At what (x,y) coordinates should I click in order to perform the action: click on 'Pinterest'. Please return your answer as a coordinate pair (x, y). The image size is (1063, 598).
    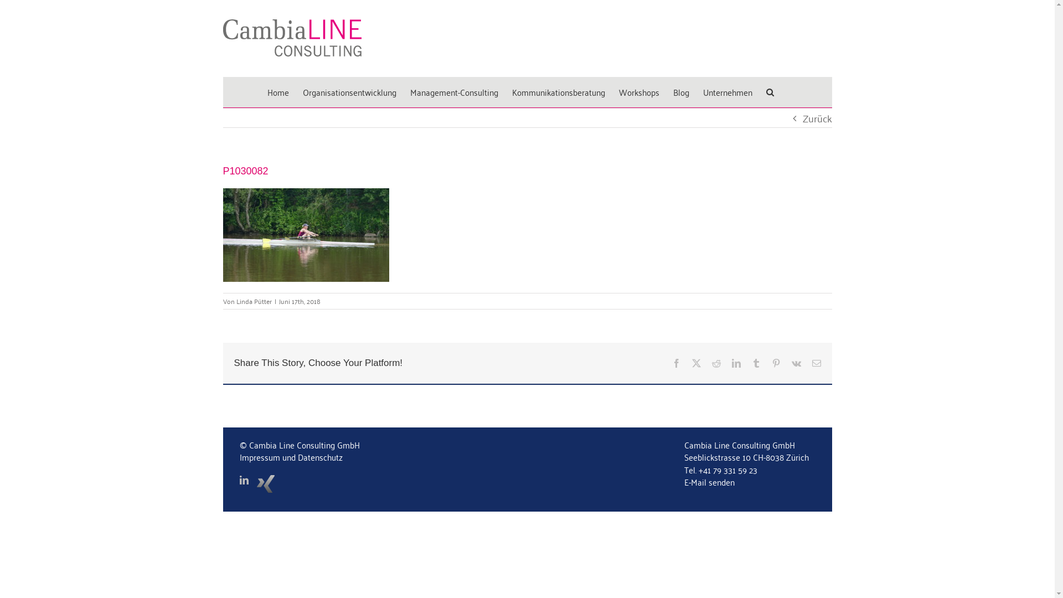
    Looking at the image, I should click on (771, 363).